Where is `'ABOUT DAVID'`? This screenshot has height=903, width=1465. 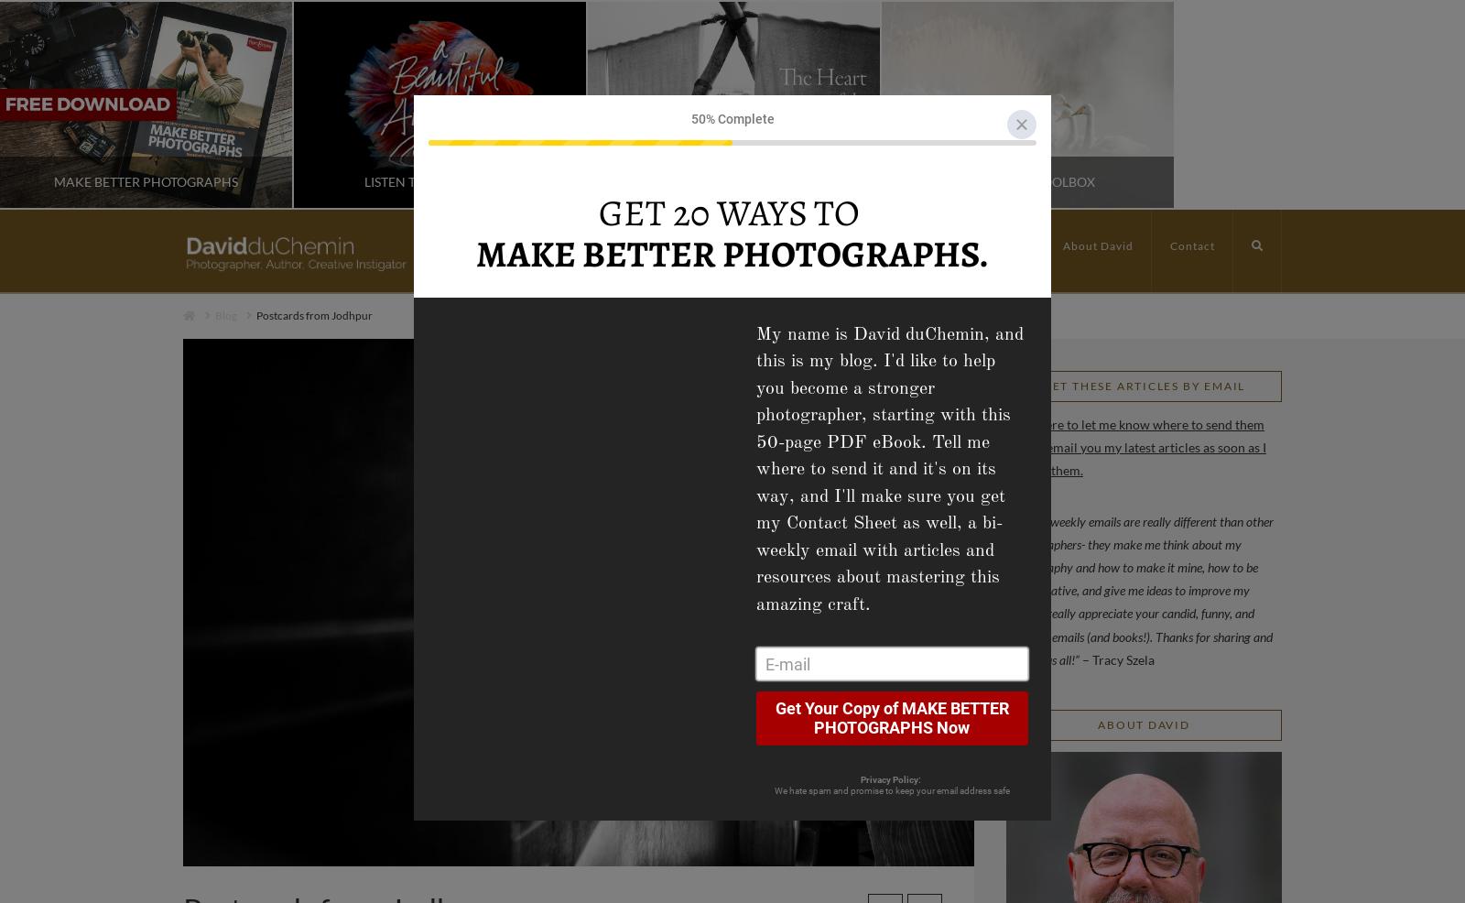
'ABOUT DAVID' is located at coordinates (1142, 723).